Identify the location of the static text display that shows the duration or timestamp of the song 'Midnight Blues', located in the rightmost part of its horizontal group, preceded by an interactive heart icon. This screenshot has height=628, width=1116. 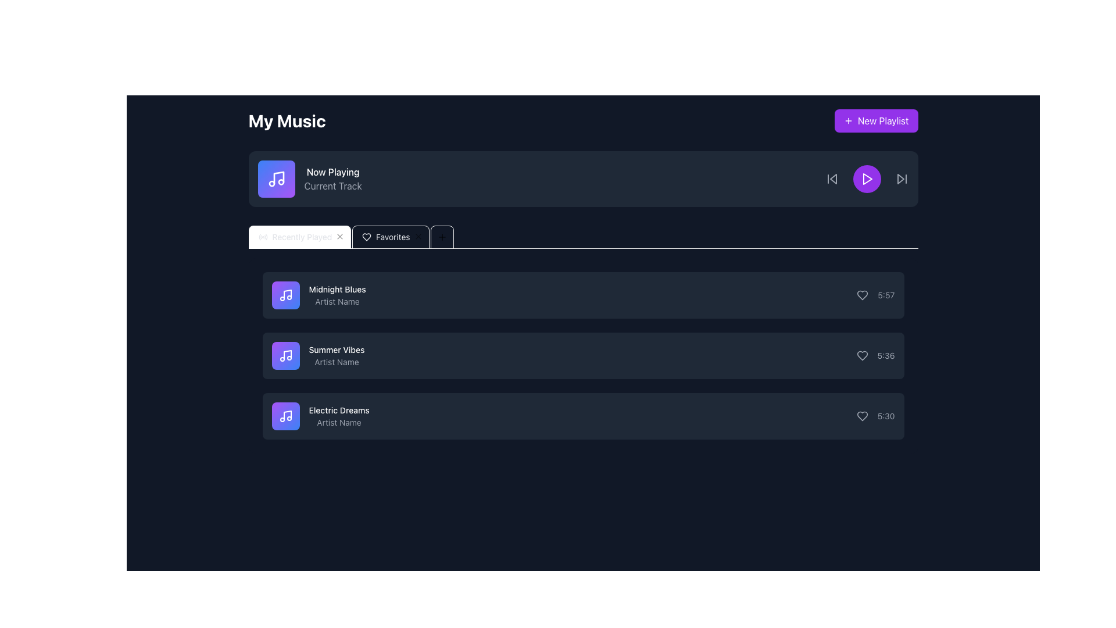
(886, 295).